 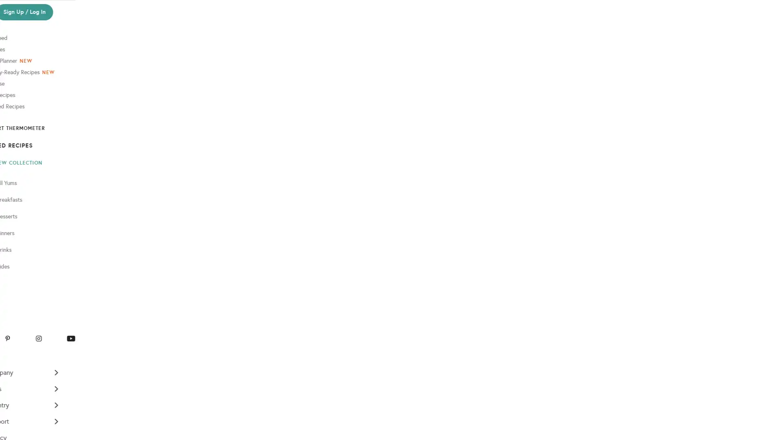 I want to click on Do Not Sell My Personal Information, so click(x=42, y=430).